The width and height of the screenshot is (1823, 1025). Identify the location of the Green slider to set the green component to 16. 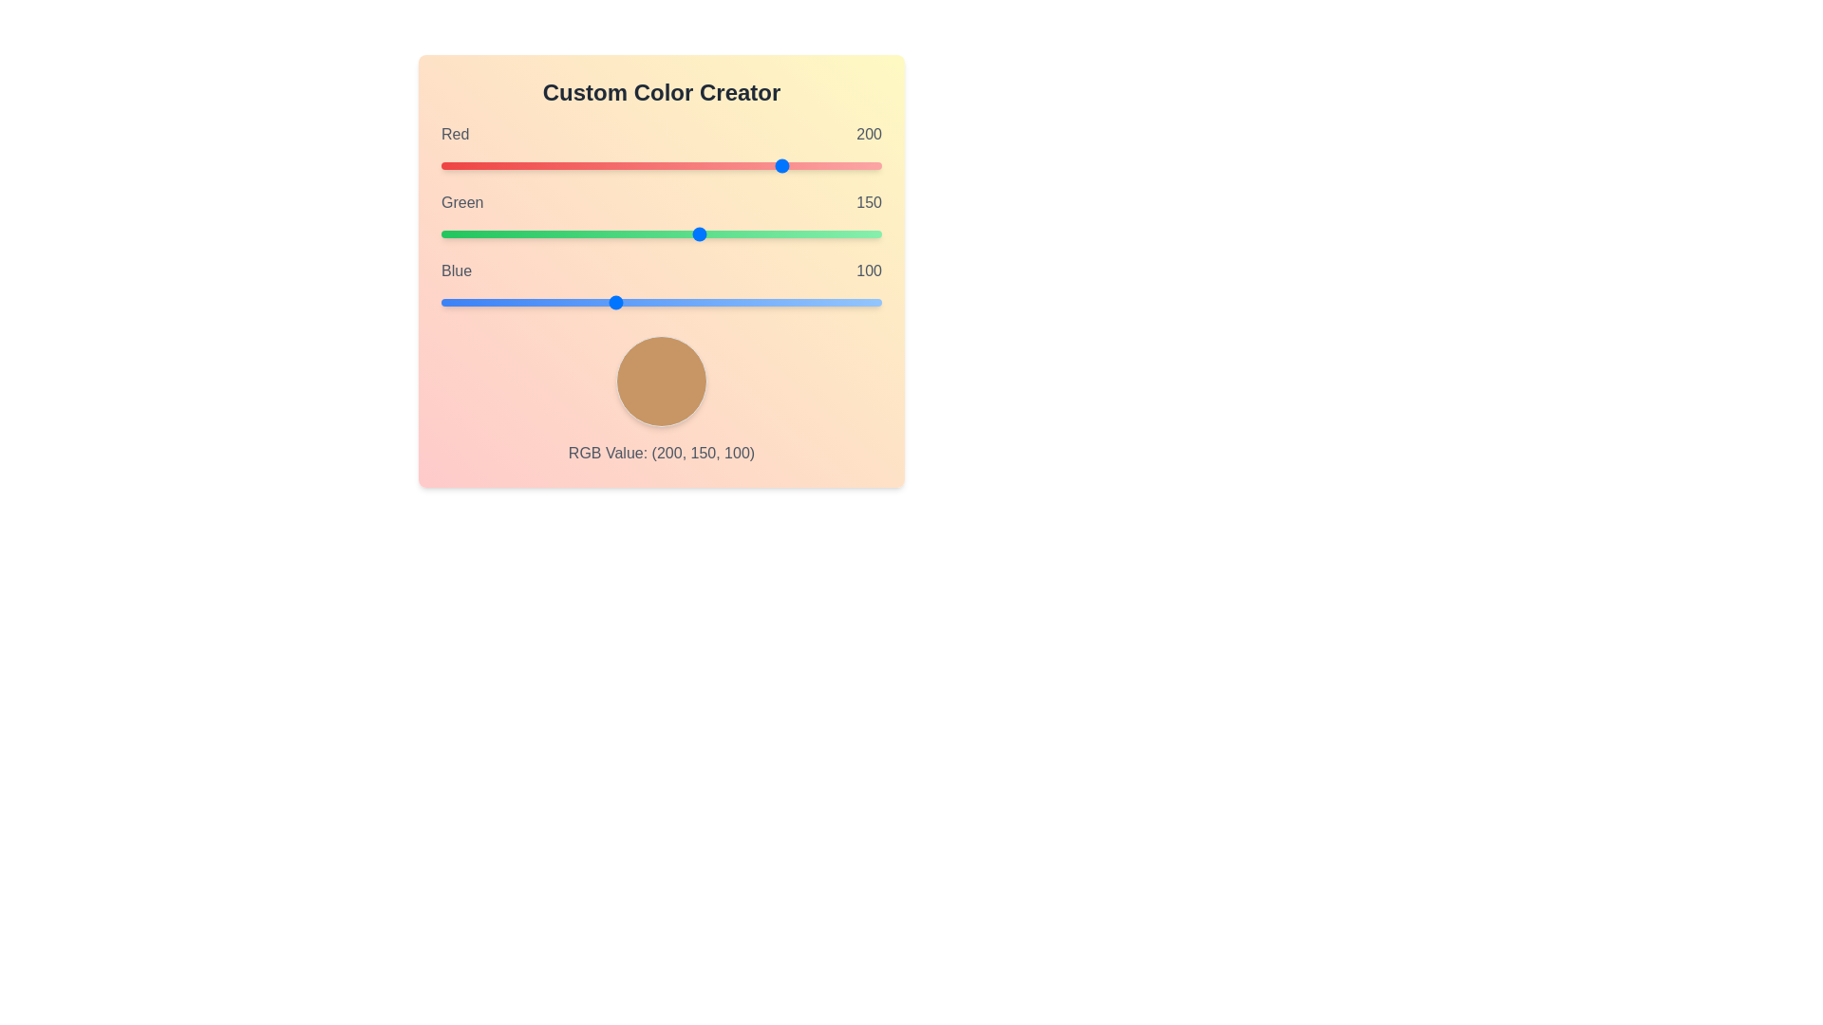
(469, 233).